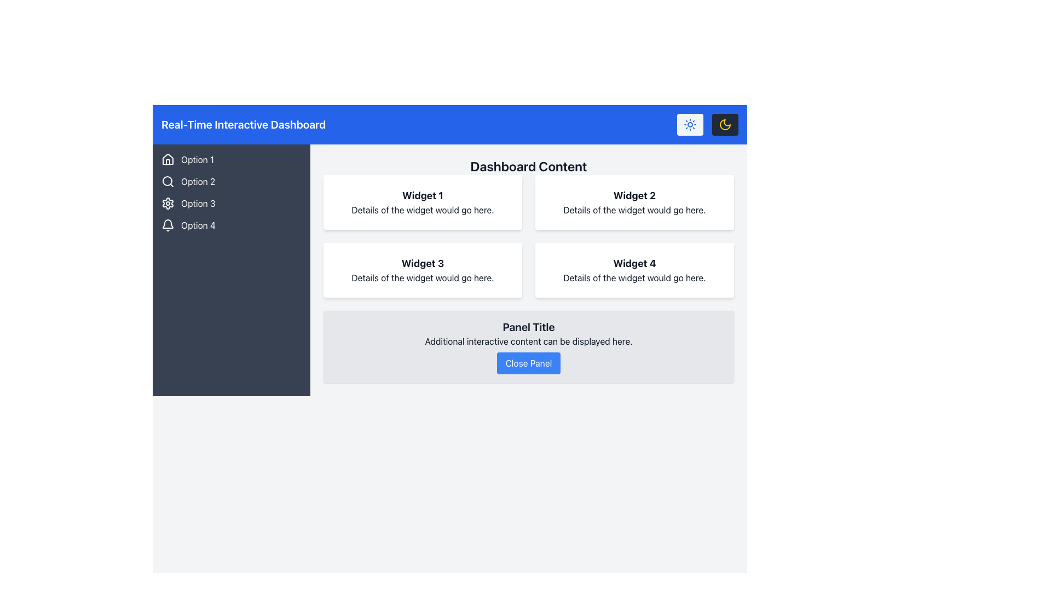 The width and height of the screenshot is (1051, 591). What do you see at coordinates (725, 124) in the screenshot?
I see `the rounded button with a dark-gray background and yellow text displaying a moon icon` at bounding box center [725, 124].